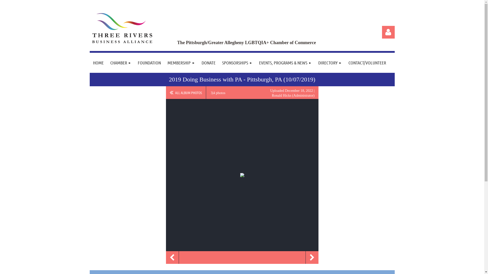 This screenshot has width=488, height=274. Describe the element at coordinates (149, 62) in the screenshot. I see `'FOUNDATION'` at that location.